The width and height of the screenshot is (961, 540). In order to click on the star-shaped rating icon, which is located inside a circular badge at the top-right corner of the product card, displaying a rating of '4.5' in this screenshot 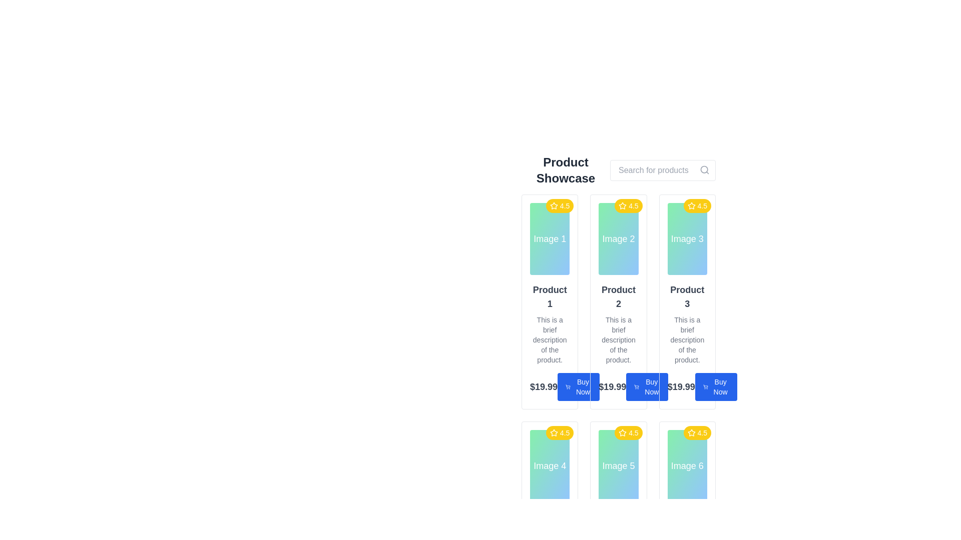, I will do `click(691, 205)`.